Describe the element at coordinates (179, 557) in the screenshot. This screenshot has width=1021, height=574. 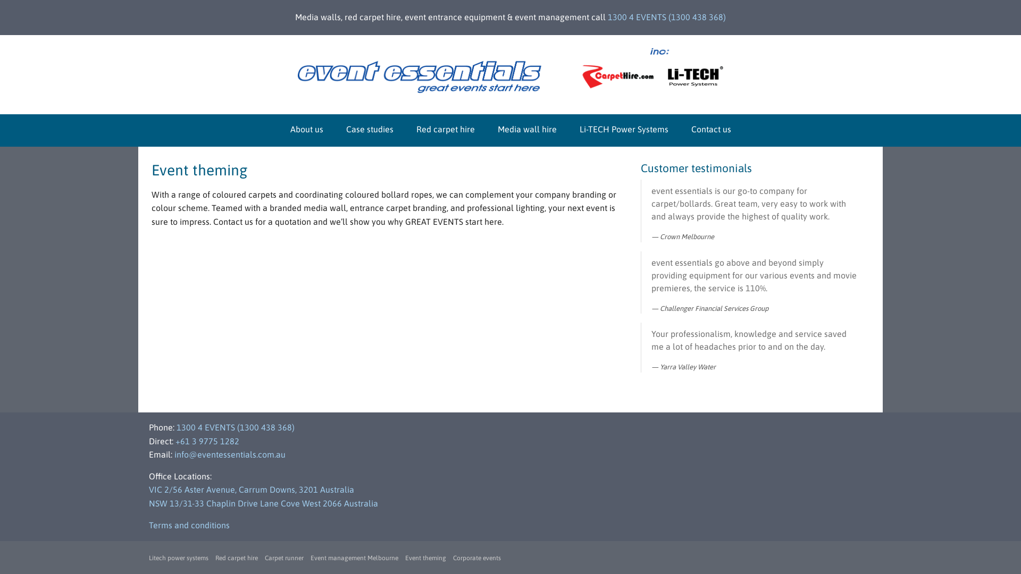
I see `'Litech power systems'` at that location.